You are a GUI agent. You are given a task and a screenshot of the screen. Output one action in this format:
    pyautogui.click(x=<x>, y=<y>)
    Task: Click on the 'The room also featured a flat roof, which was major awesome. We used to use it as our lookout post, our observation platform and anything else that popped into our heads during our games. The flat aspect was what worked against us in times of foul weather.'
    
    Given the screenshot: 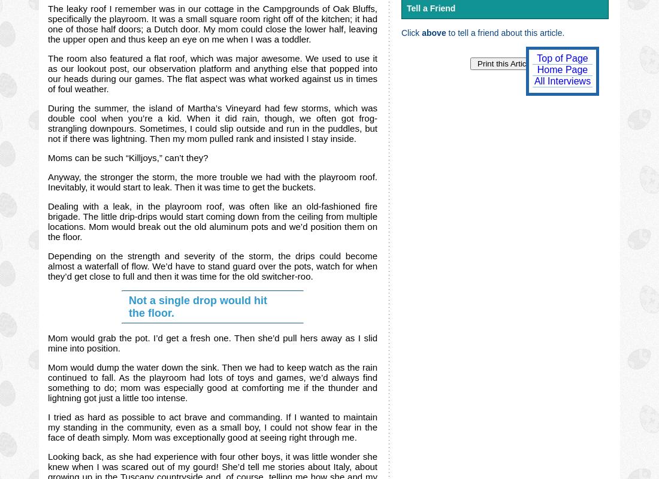 What is the action you would take?
    pyautogui.click(x=212, y=72)
    